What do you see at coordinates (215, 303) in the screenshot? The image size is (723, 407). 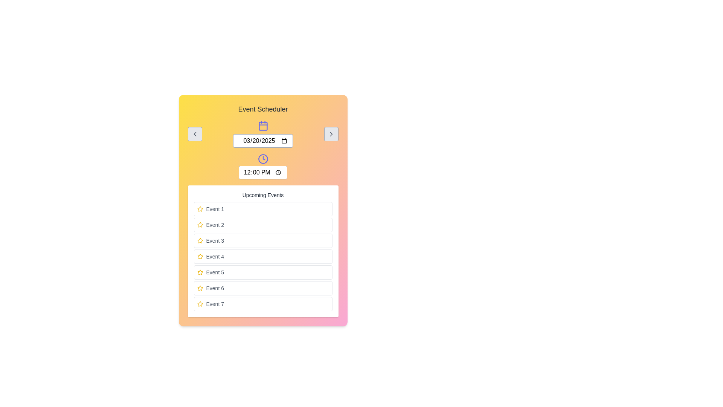 I see `the text label that represents the title or description of the last event in the event list, which is adjacent to a yellow star icon` at bounding box center [215, 303].